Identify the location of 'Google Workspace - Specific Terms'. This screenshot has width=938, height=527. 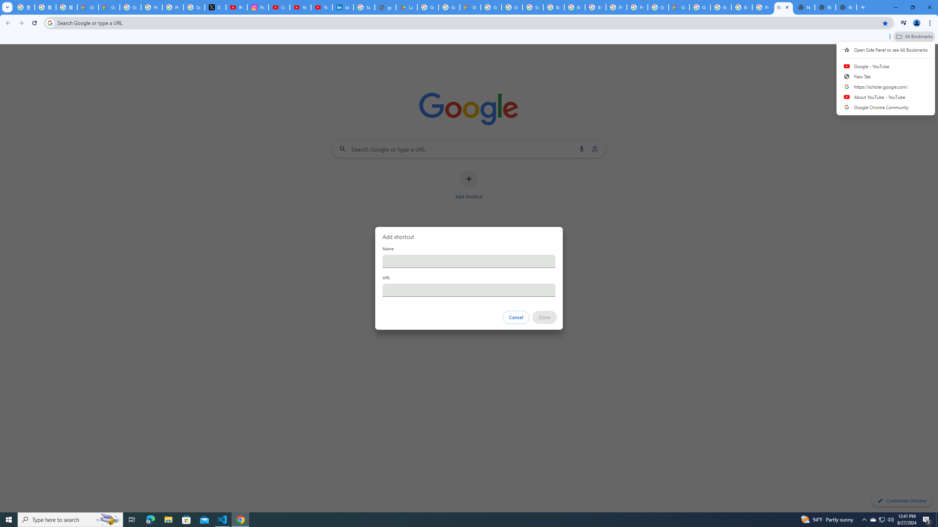
(449, 7).